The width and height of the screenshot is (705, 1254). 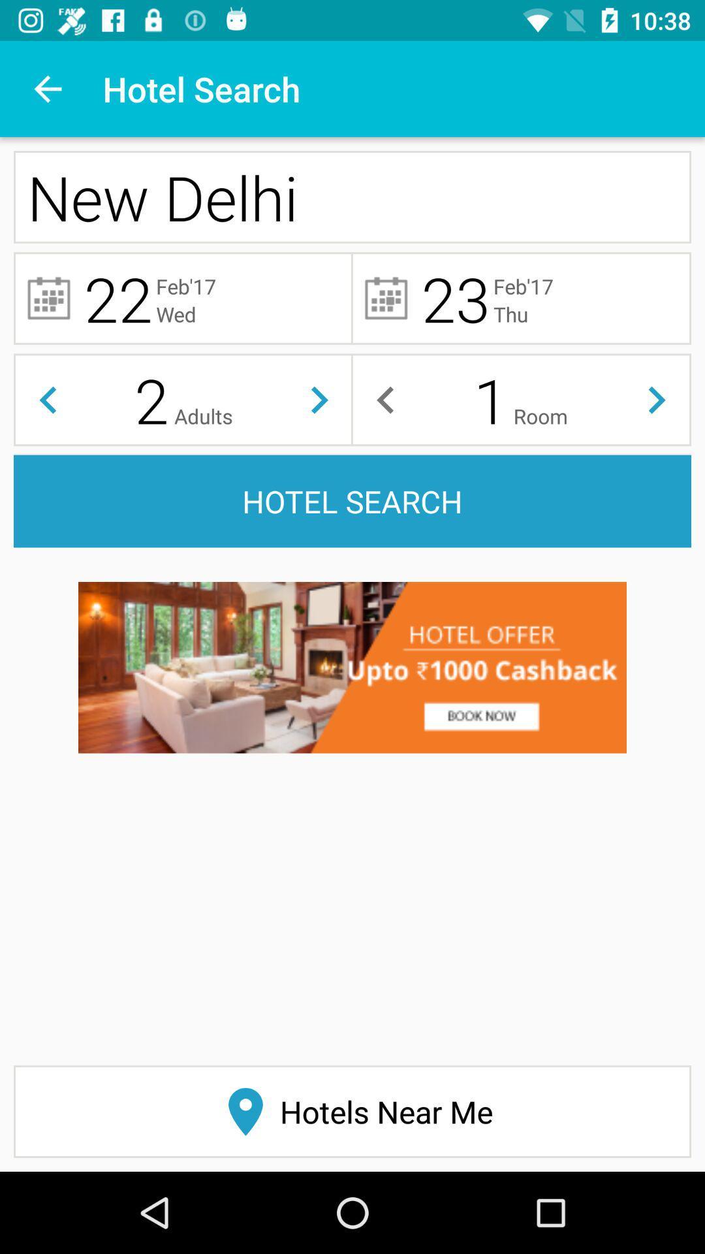 I want to click on before, so click(x=384, y=399).